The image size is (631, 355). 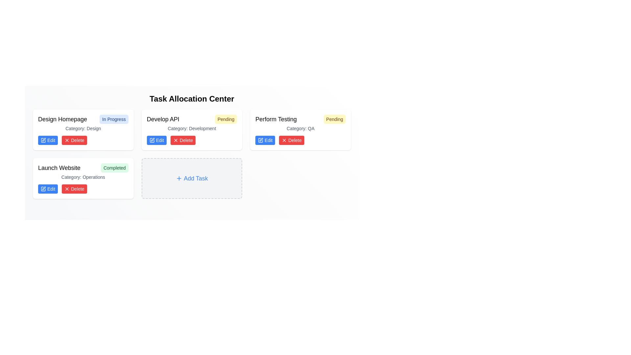 I want to click on the grouped component of buttons labeled 'Edit' and 'Delete', so click(x=300, y=140).